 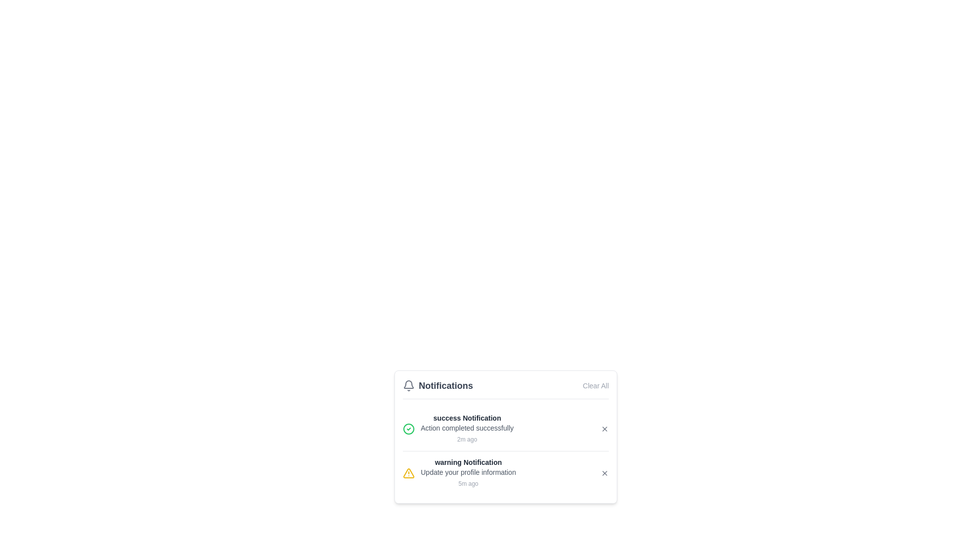 I want to click on text from the Text Label that provides information regarding an action or update requirement related to the user's profile, positioned below the title 'warning Notification' and above the timestamp '5m ago', so click(x=468, y=471).